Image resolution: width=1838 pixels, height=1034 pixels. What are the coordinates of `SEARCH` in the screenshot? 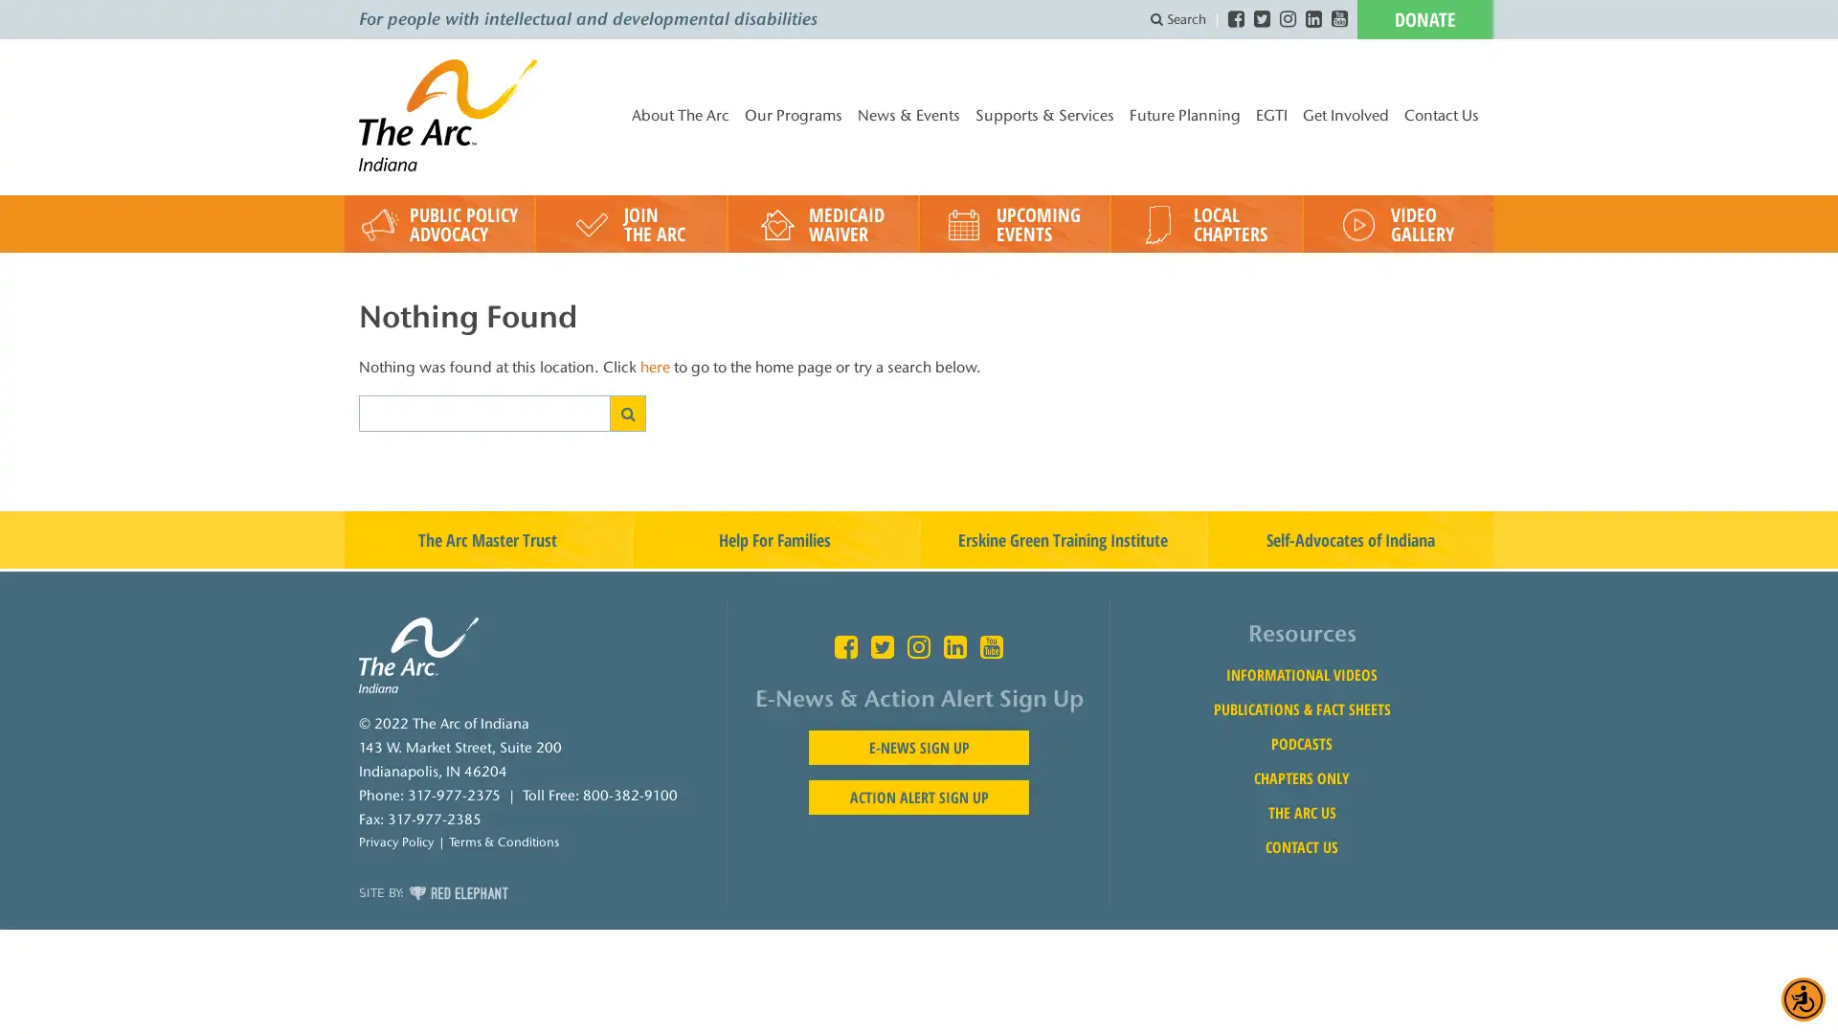 It's located at (628, 413).